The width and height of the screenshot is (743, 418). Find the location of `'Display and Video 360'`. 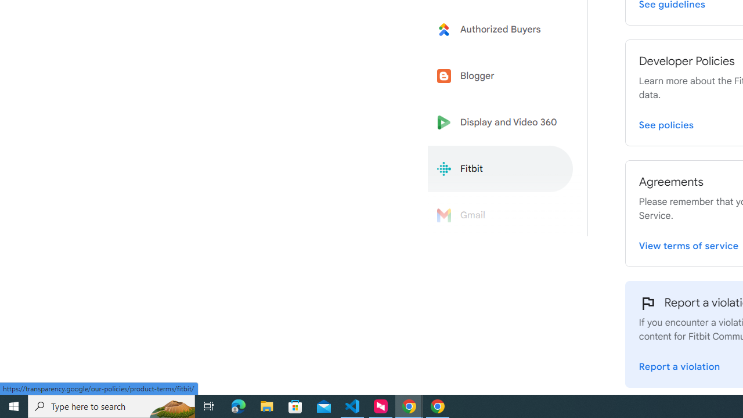

'Display and Video 360' is located at coordinates (500, 122).